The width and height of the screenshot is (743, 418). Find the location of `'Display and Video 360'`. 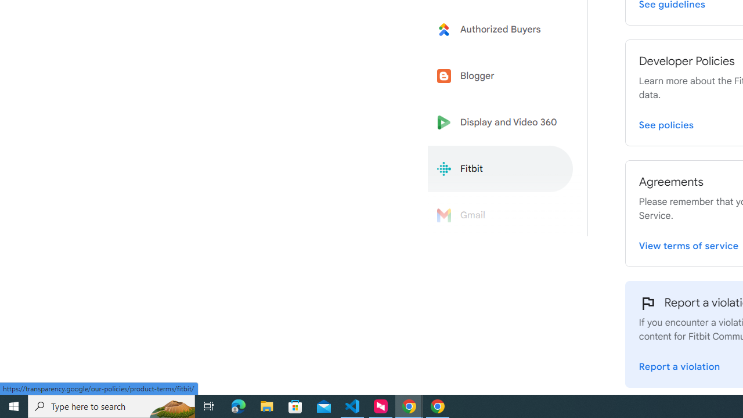

'Display and Video 360' is located at coordinates (500, 122).